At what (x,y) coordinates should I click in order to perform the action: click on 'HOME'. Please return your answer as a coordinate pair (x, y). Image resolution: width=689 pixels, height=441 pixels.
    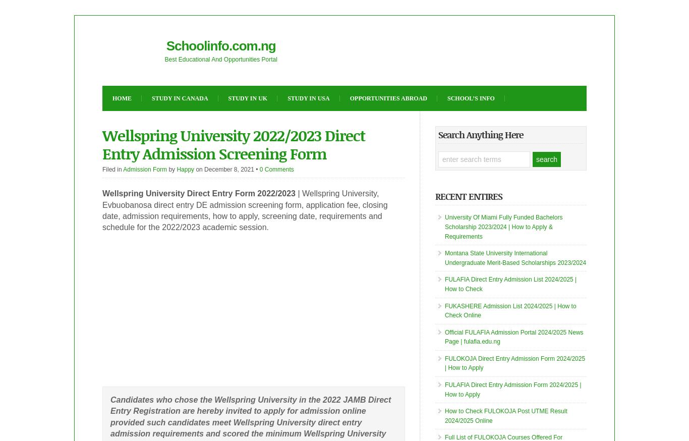
    Looking at the image, I should click on (122, 97).